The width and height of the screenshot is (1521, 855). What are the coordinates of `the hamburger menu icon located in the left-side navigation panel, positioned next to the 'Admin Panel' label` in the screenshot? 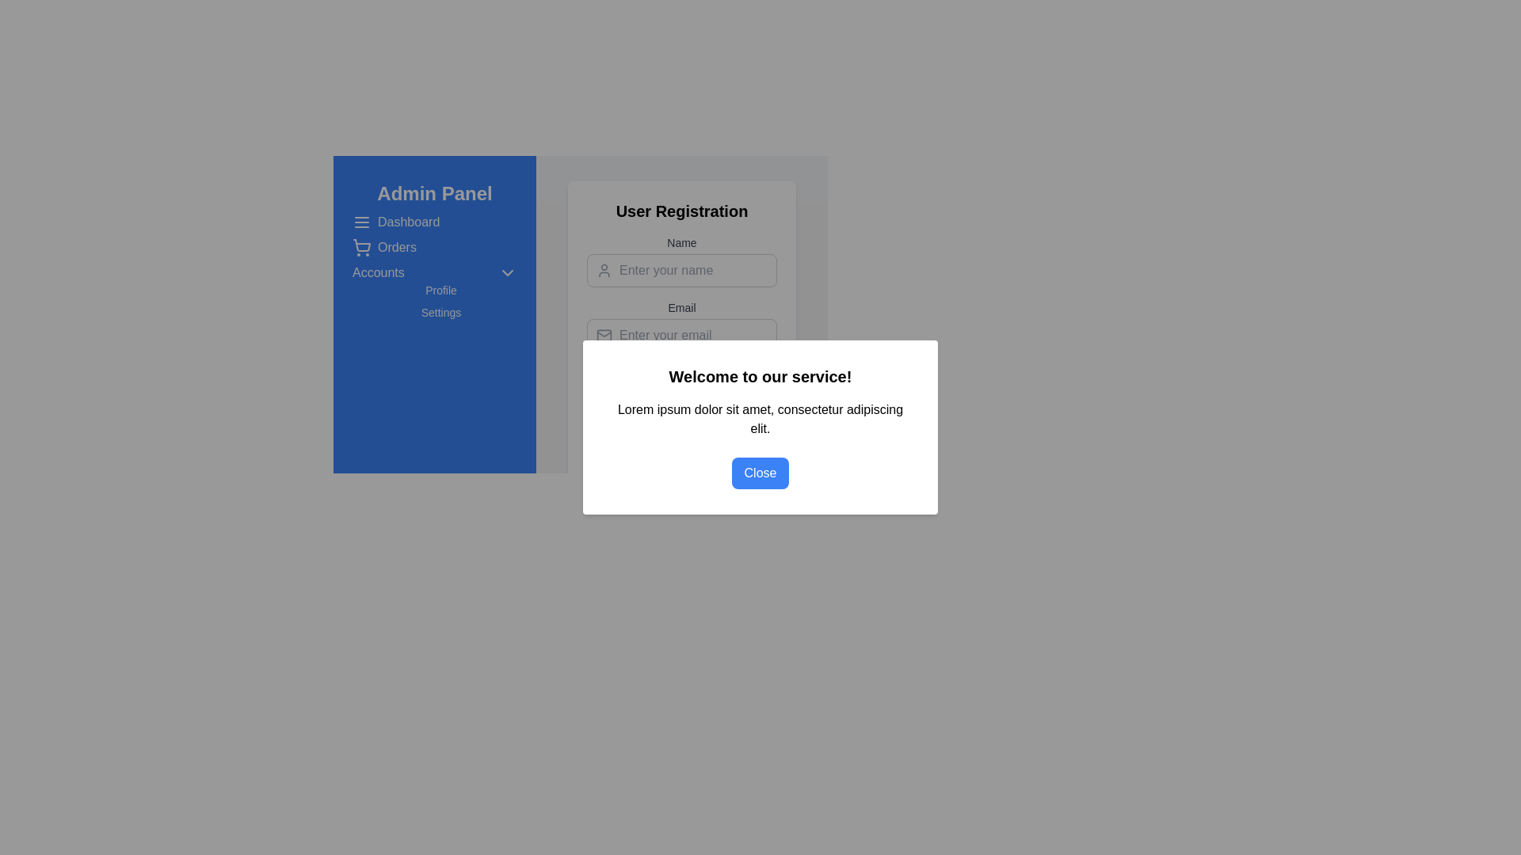 It's located at (360, 222).